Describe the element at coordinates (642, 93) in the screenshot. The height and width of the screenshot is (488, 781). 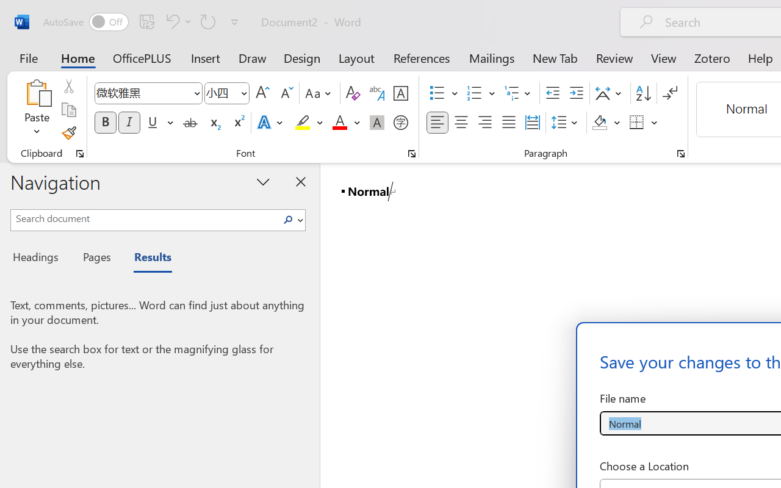
I see `'Sort...'` at that location.